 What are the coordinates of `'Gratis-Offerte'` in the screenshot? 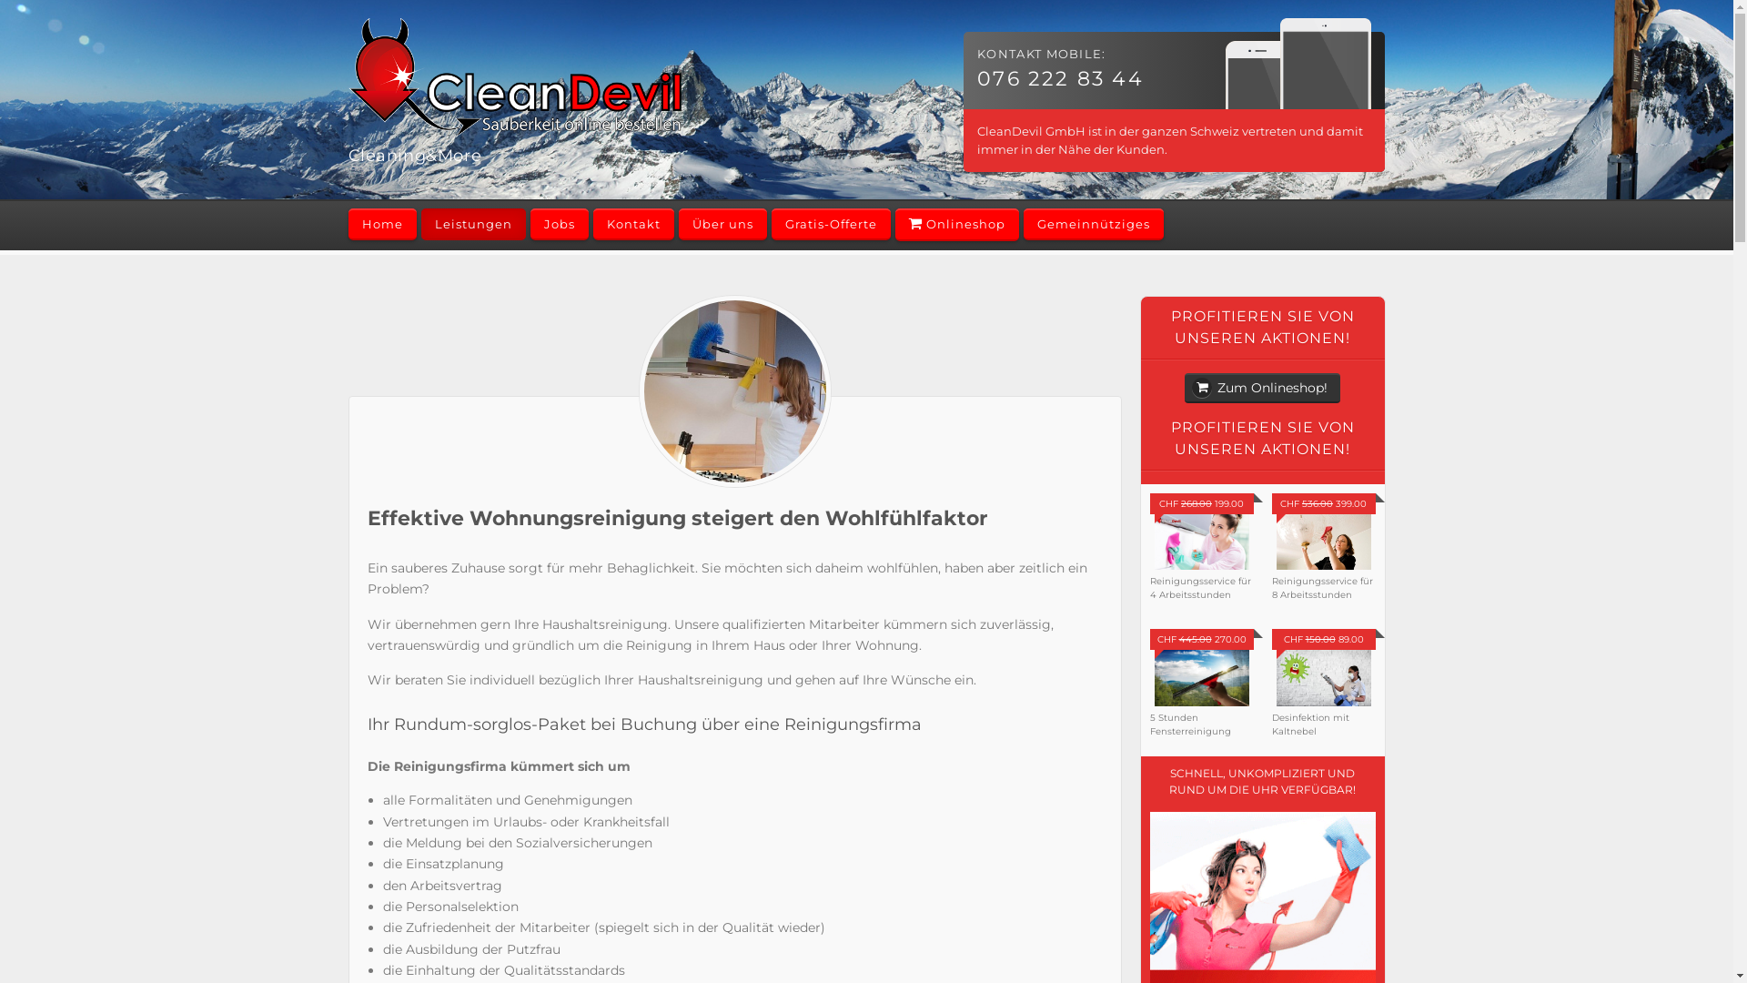 It's located at (772, 223).